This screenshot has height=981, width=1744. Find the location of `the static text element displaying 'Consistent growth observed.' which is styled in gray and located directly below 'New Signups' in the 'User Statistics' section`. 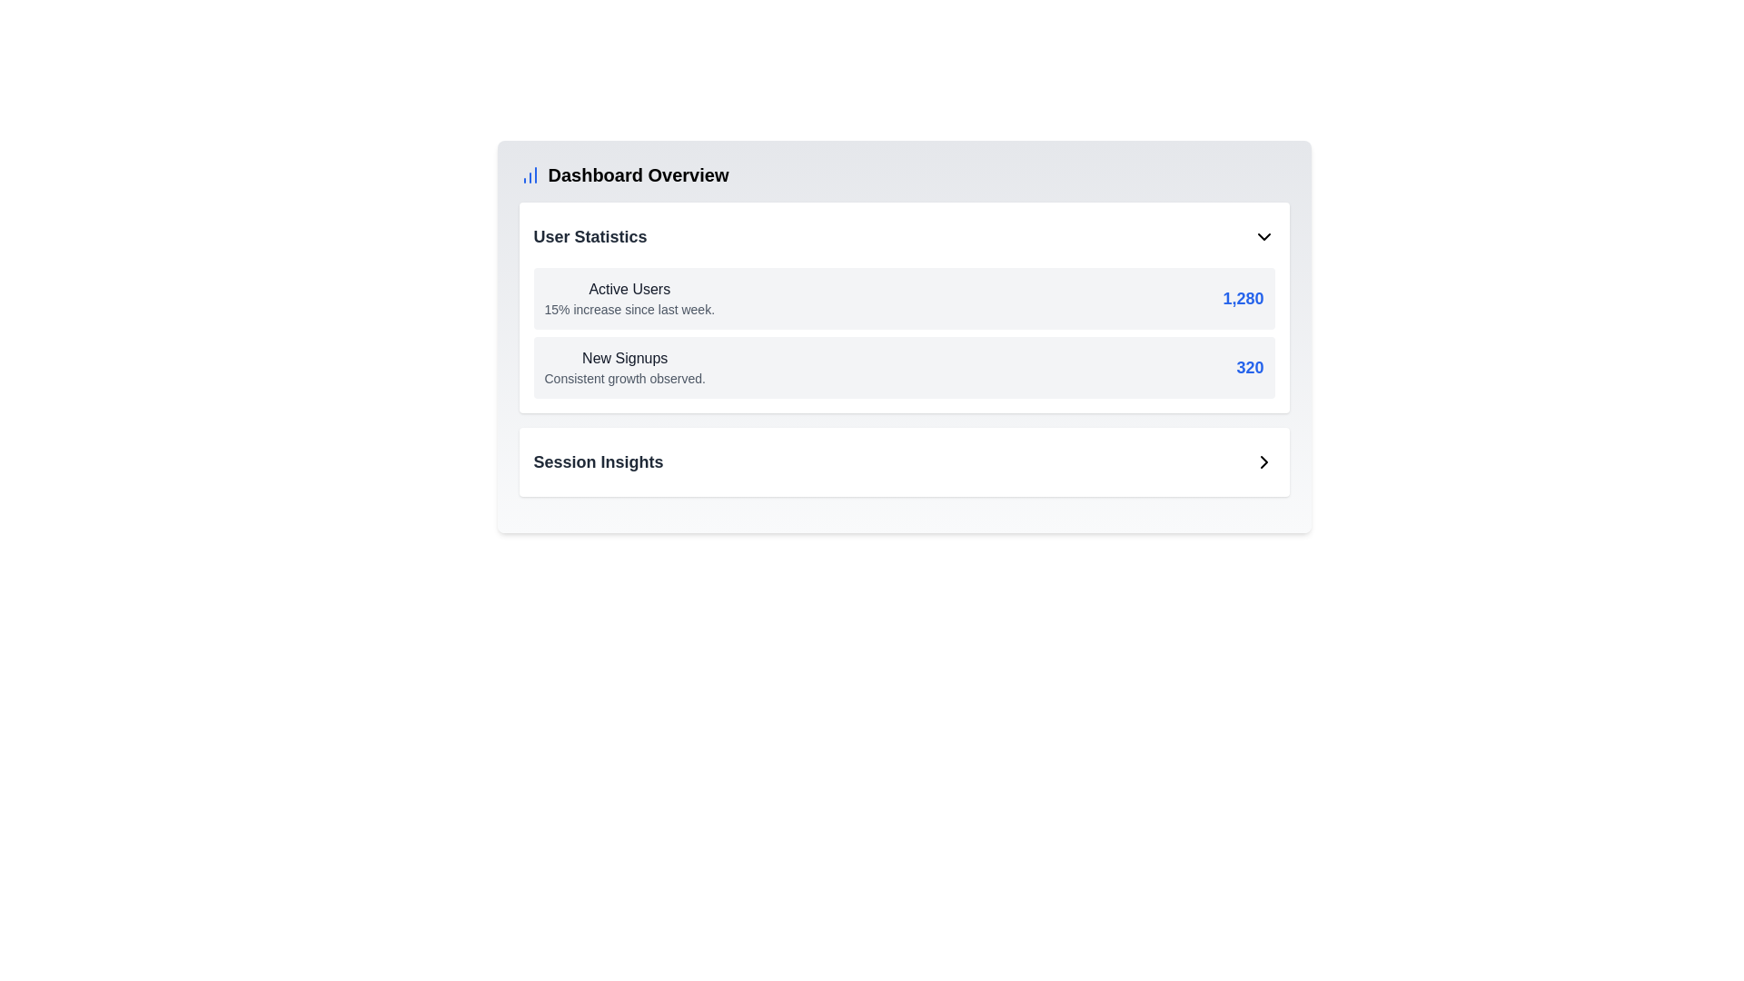

the static text element displaying 'Consistent growth observed.' which is styled in gray and located directly below 'New Signups' in the 'User Statistics' section is located at coordinates (625, 377).